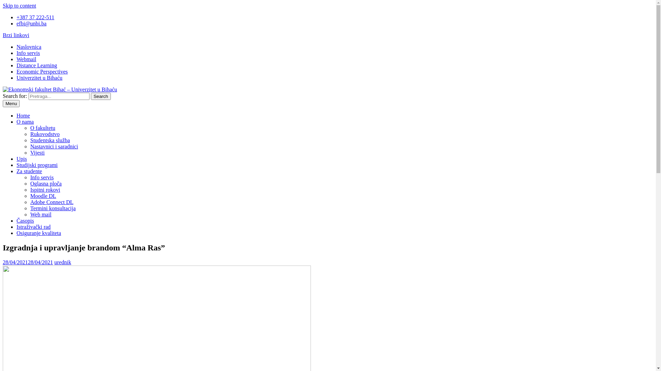  Describe the element at coordinates (26, 59) in the screenshot. I see `'Webmail'` at that location.